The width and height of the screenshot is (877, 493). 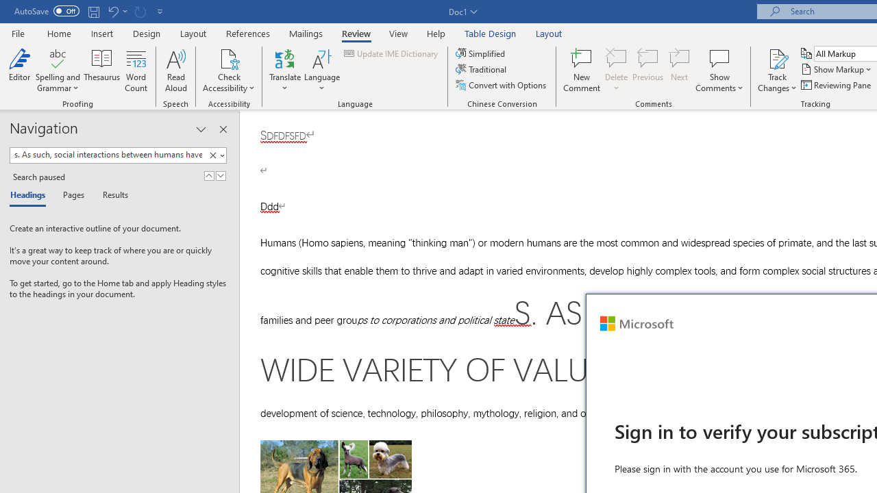 What do you see at coordinates (140, 11) in the screenshot?
I see `'Can'` at bounding box center [140, 11].